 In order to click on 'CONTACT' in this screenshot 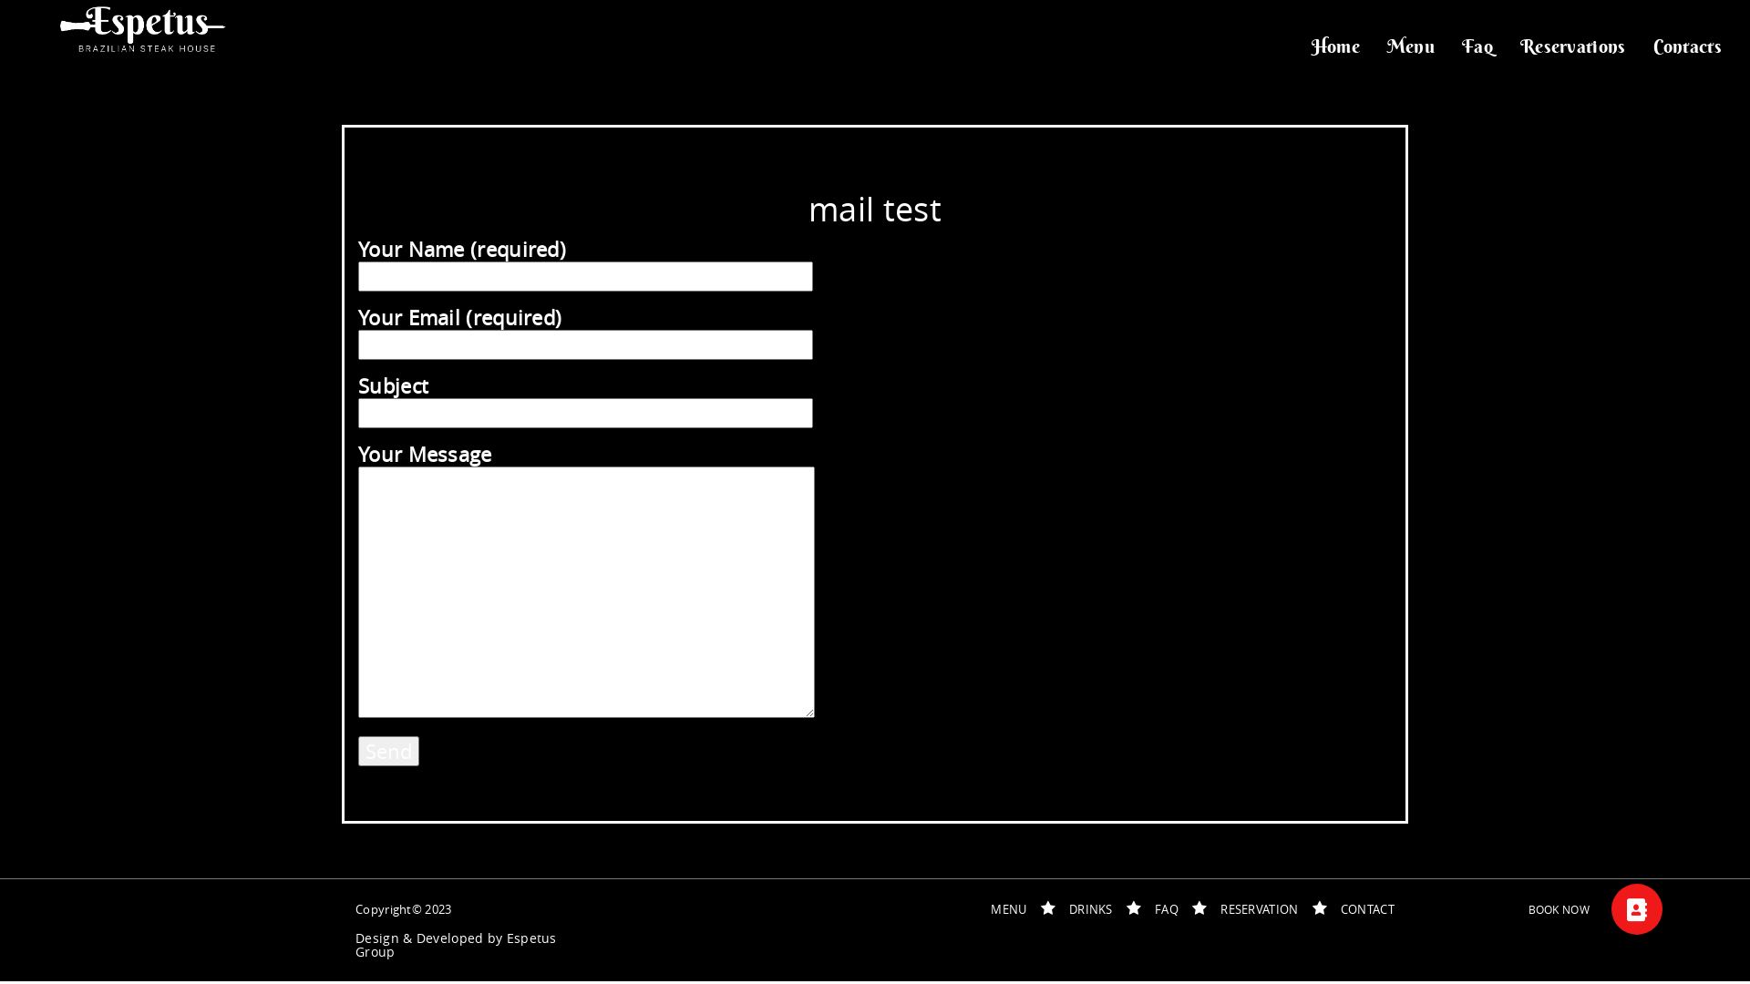, I will do `click(1367, 909)`.